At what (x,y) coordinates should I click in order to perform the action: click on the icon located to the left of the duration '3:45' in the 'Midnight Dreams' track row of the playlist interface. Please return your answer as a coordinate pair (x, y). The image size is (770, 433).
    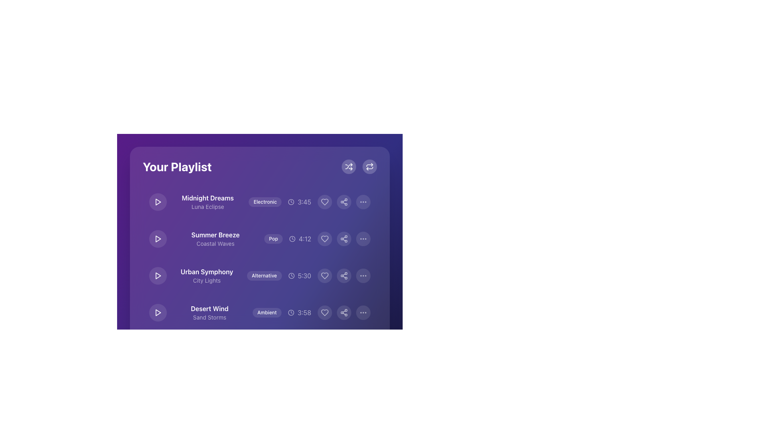
    Looking at the image, I should click on (291, 202).